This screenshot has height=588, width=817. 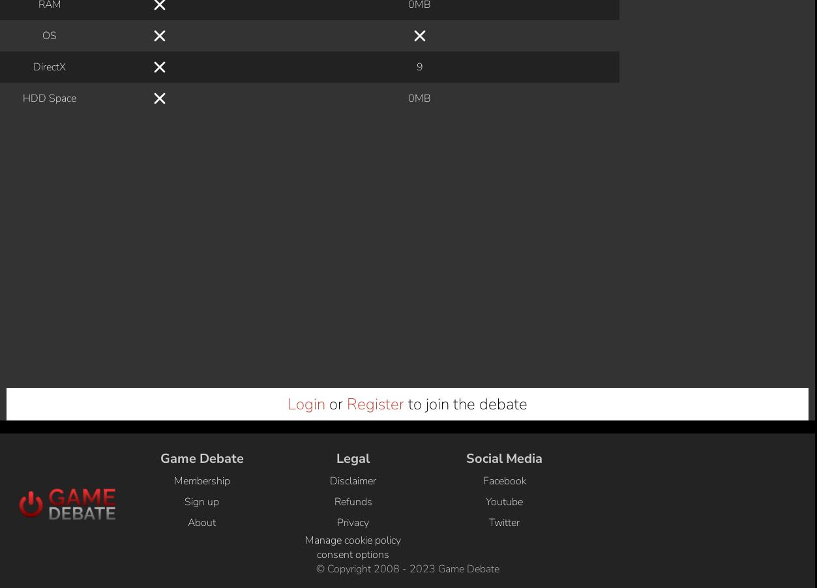 What do you see at coordinates (503, 29) in the screenshot?
I see `'Facebook'` at bounding box center [503, 29].